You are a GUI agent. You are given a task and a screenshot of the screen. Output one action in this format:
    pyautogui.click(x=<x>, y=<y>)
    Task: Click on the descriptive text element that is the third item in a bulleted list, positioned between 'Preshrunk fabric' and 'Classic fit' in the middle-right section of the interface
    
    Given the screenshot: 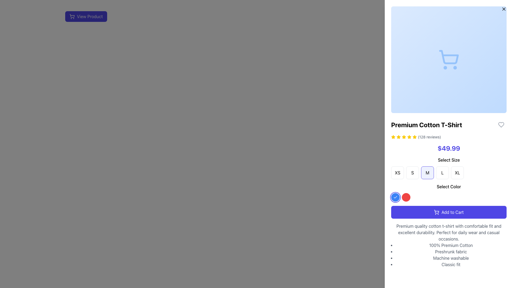 What is the action you would take?
    pyautogui.click(x=451, y=258)
    